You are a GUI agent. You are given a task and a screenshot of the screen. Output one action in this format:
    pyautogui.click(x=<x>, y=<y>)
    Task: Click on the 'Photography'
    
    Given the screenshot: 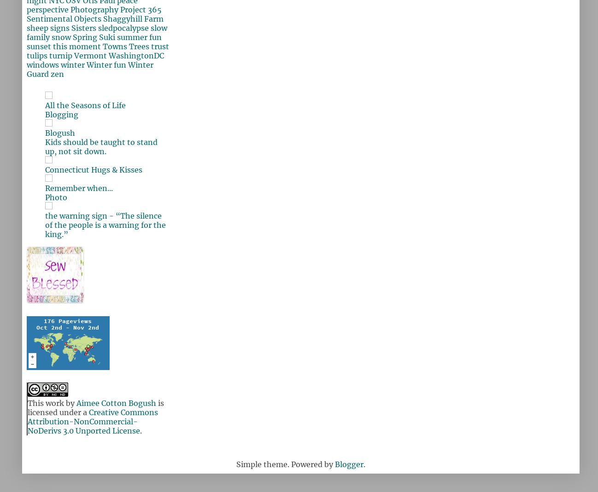 What is the action you would take?
    pyautogui.click(x=94, y=9)
    